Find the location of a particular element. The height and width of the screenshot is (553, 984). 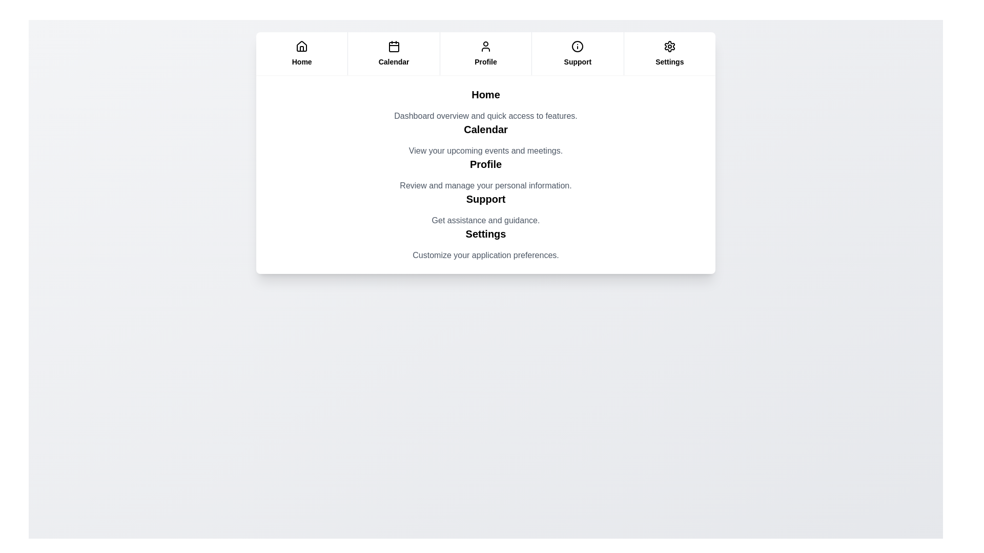

the house icon, which is a pictogram of a house with a triangular roof and rectangular body, located in the navigation bar under the 'Home' text is located at coordinates (301, 45).